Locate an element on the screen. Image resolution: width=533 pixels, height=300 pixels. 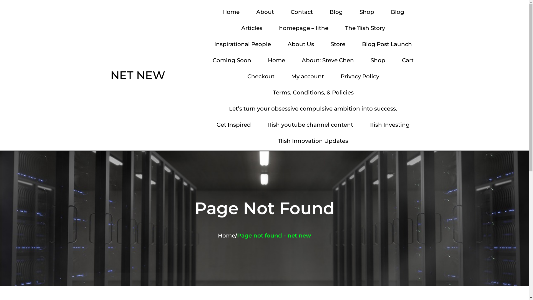
'Blog' is located at coordinates (397, 12).